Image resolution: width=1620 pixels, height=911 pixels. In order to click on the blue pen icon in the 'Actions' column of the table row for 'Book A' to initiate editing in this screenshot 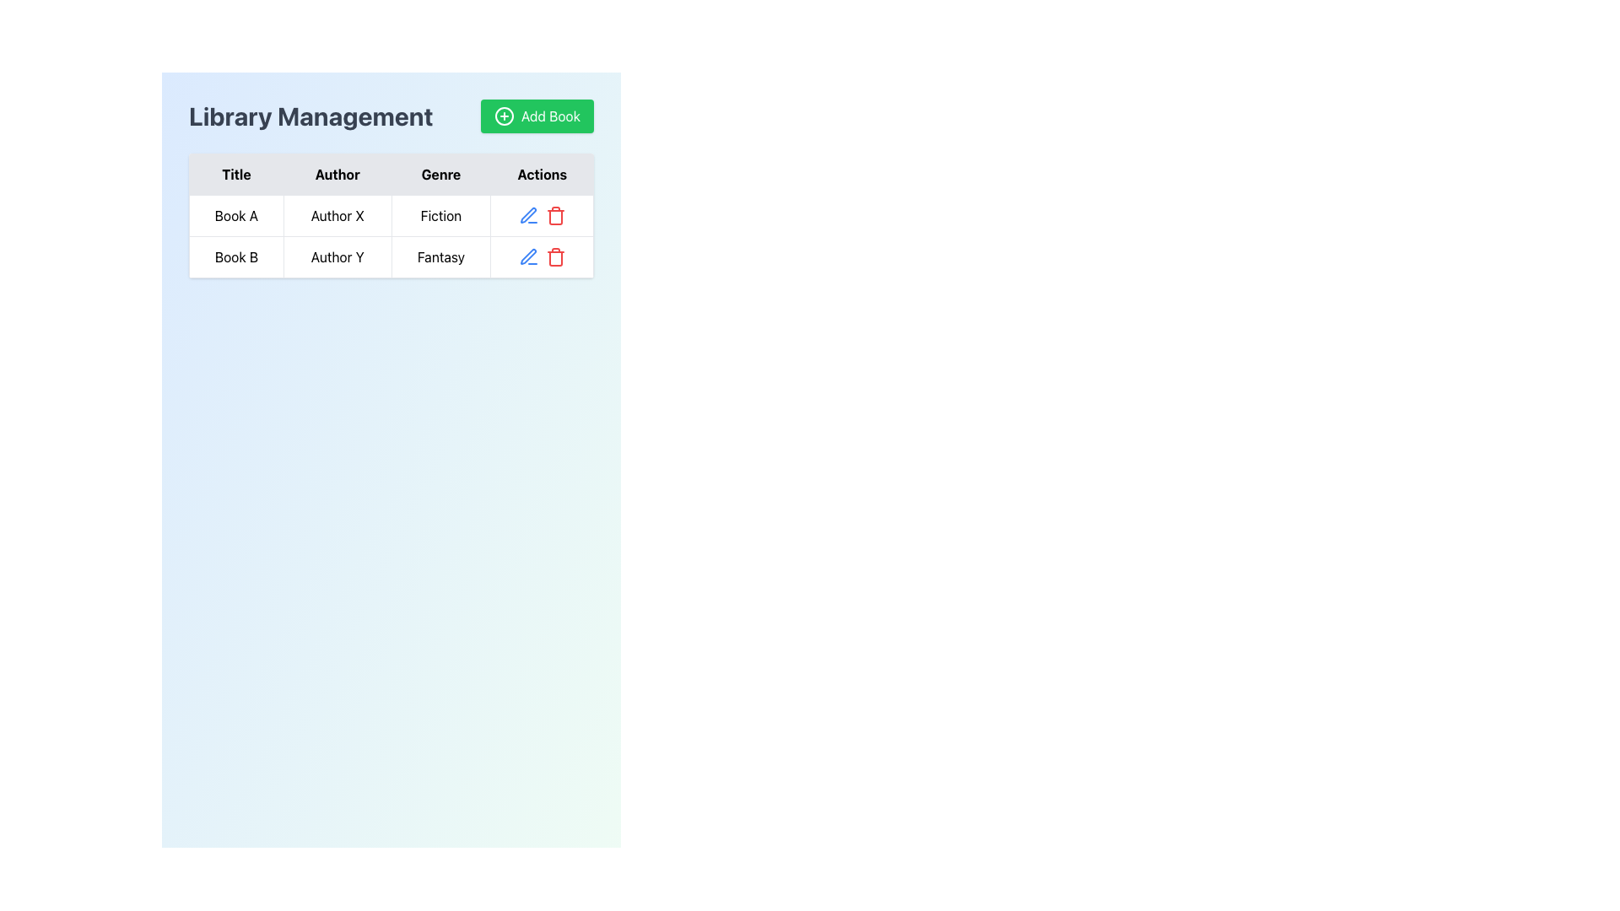, I will do `click(526, 256)`.